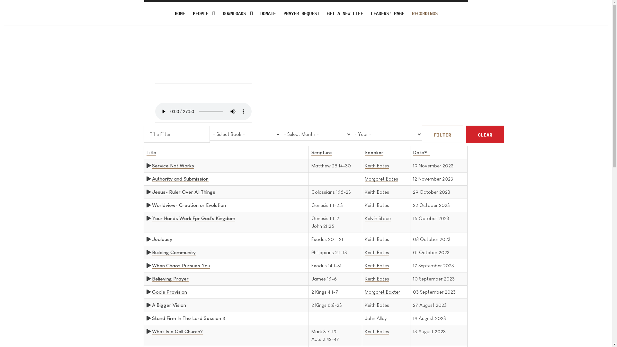 This screenshot has width=617, height=347. I want to click on 'Kelvin Stace', so click(364, 218).